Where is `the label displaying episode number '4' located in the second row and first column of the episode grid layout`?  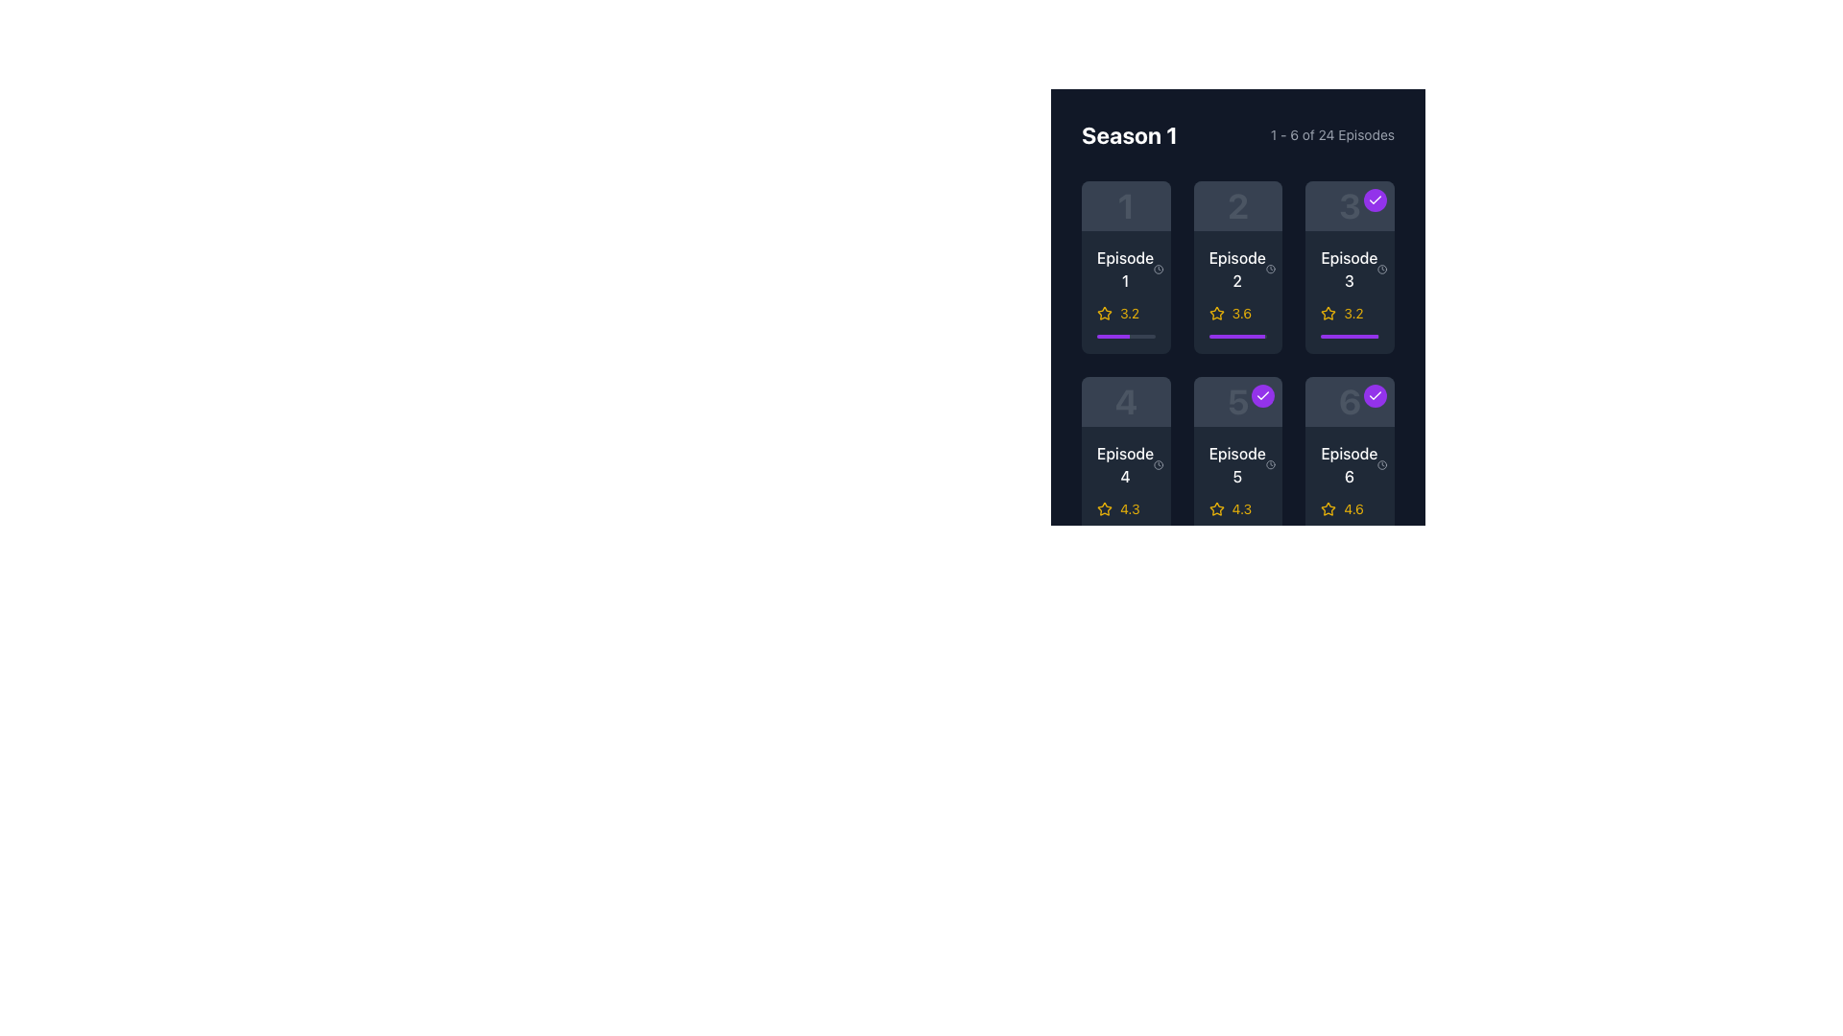 the label displaying episode number '4' located in the second row and first column of the episode grid layout is located at coordinates (1126, 465).